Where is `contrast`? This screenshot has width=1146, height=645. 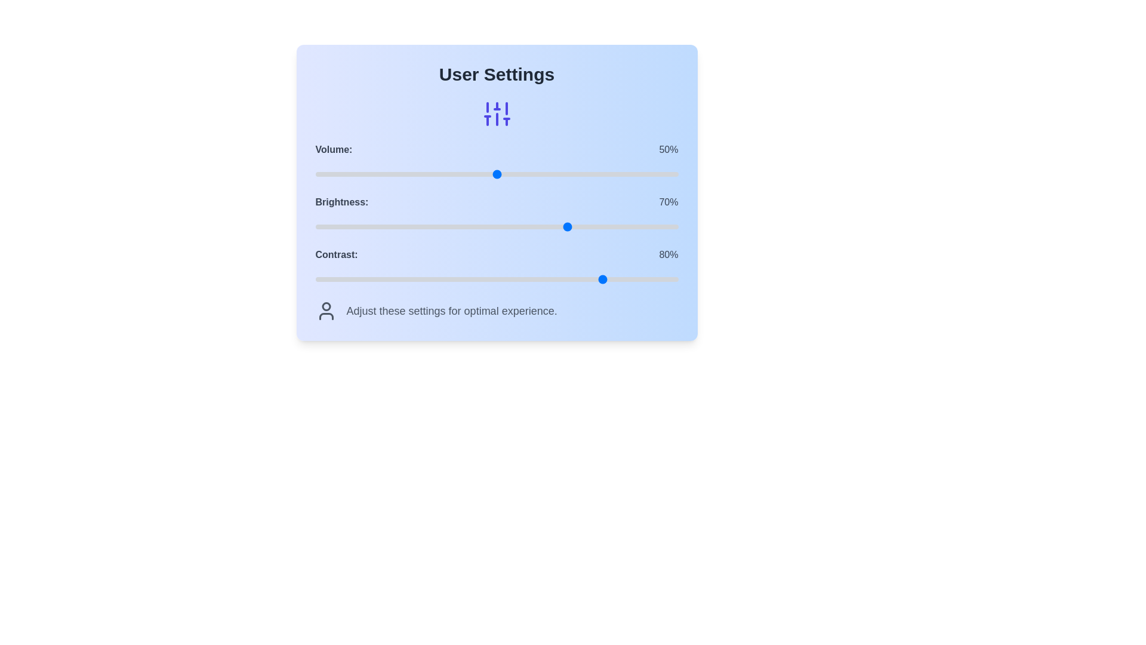 contrast is located at coordinates (413, 279).